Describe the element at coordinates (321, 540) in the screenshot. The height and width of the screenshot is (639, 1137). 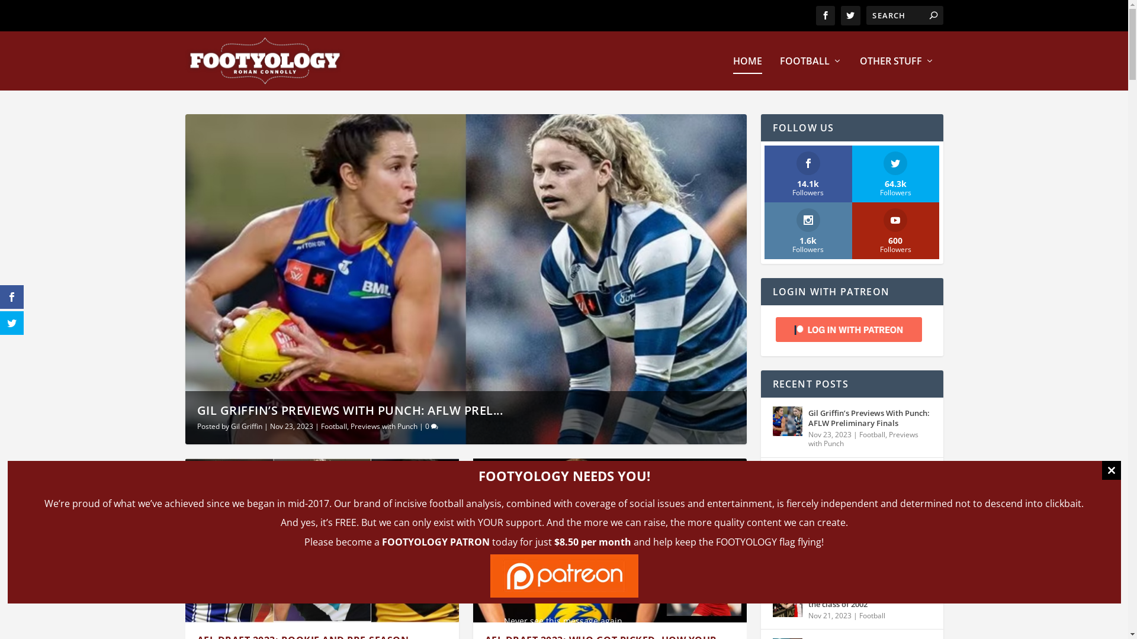
I see `'AFL Draft 2023: Rookie and Pre-Season Drafts'` at that location.